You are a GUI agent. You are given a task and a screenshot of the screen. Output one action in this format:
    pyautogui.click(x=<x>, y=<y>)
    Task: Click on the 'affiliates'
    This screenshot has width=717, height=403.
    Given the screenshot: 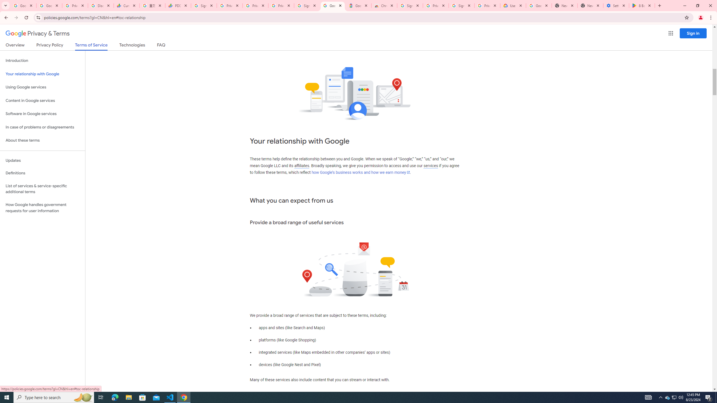 What is the action you would take?
    pyautogui.click(x=301, y=165)
    